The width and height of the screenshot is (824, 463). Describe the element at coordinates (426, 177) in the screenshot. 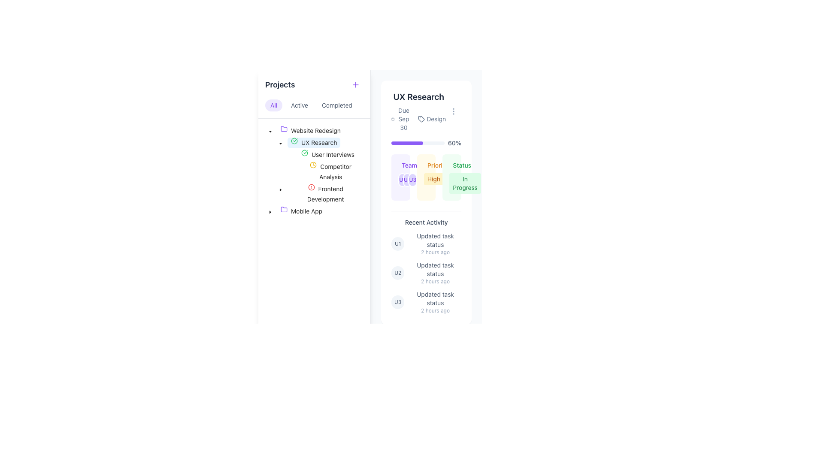

I see `the 'High' priority badge displayed in the middle column of the task card, which indicates the urgency of the associated task` at that location.